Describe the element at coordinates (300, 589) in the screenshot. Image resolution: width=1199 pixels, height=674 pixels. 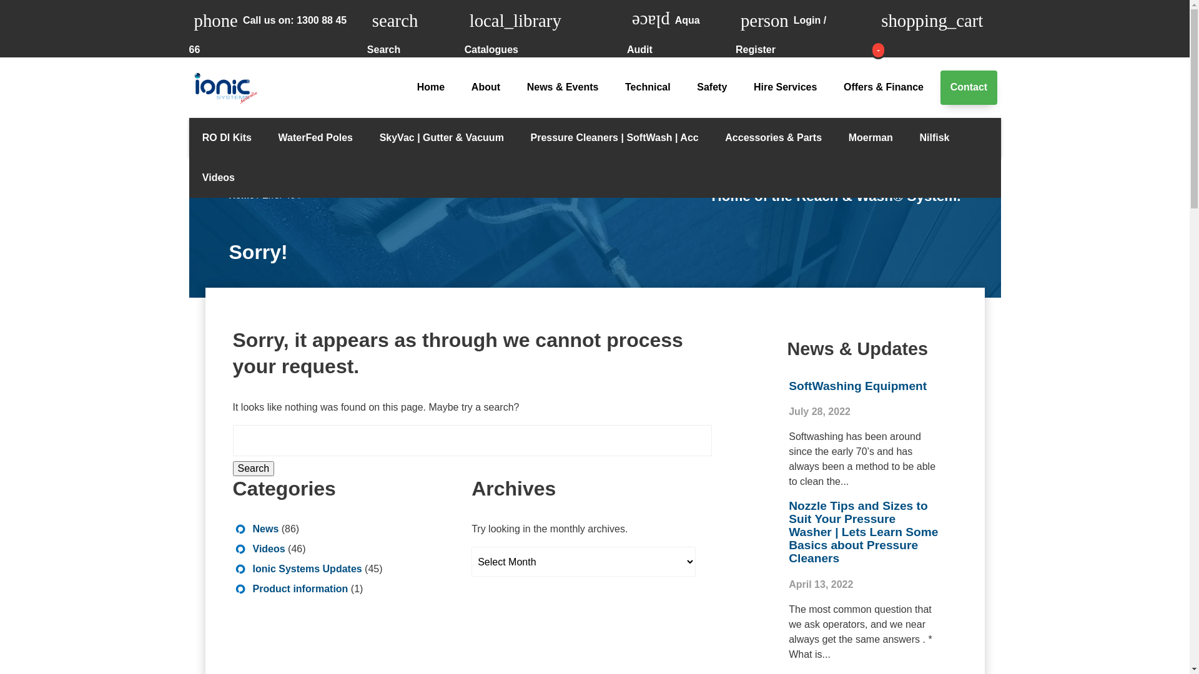
I see `'Product information'` at that location.